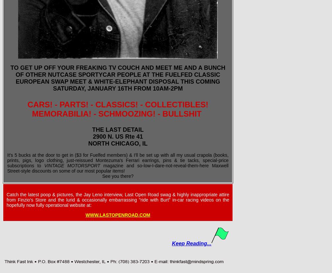 This screenshot has width=332, height=273. I want to click on 'See you there?', so click(118, 176).